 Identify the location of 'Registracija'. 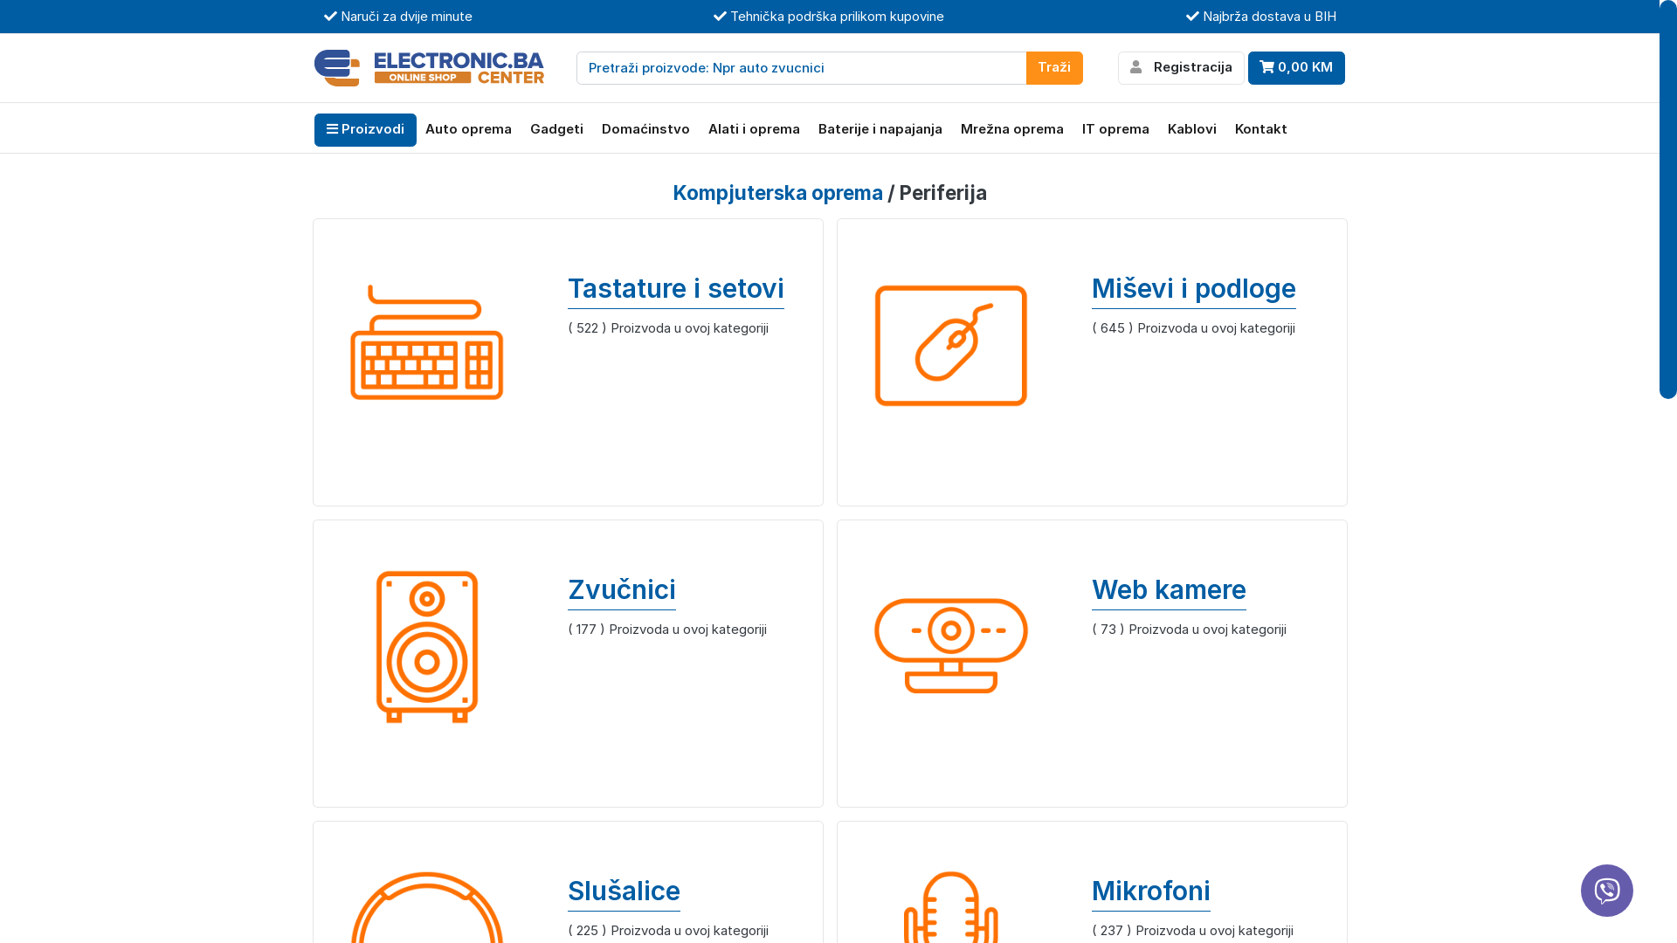
(1181, 66).